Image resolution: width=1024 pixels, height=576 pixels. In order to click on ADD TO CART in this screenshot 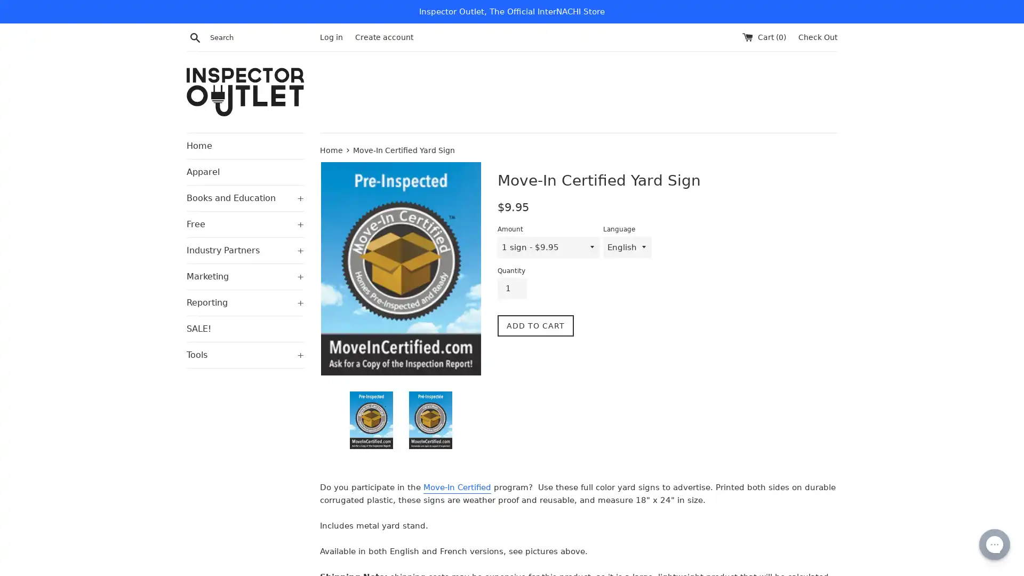, I will do `click(535, 325)`.